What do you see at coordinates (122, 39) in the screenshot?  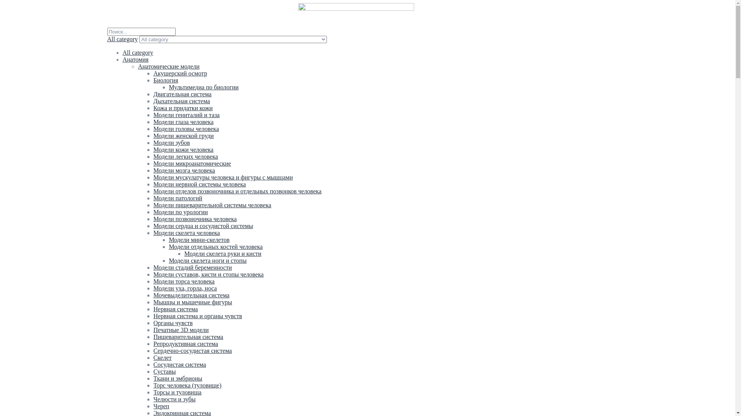 I see `'All category'` at bounding box center [122, 39].